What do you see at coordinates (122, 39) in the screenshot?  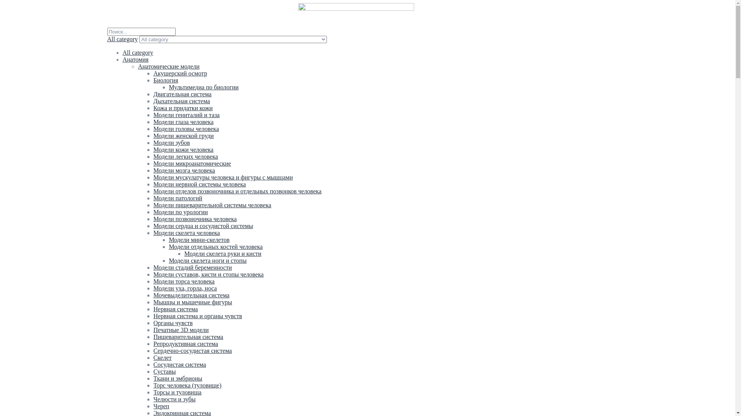 I see `'All category'` at bounding box center [122, 39].